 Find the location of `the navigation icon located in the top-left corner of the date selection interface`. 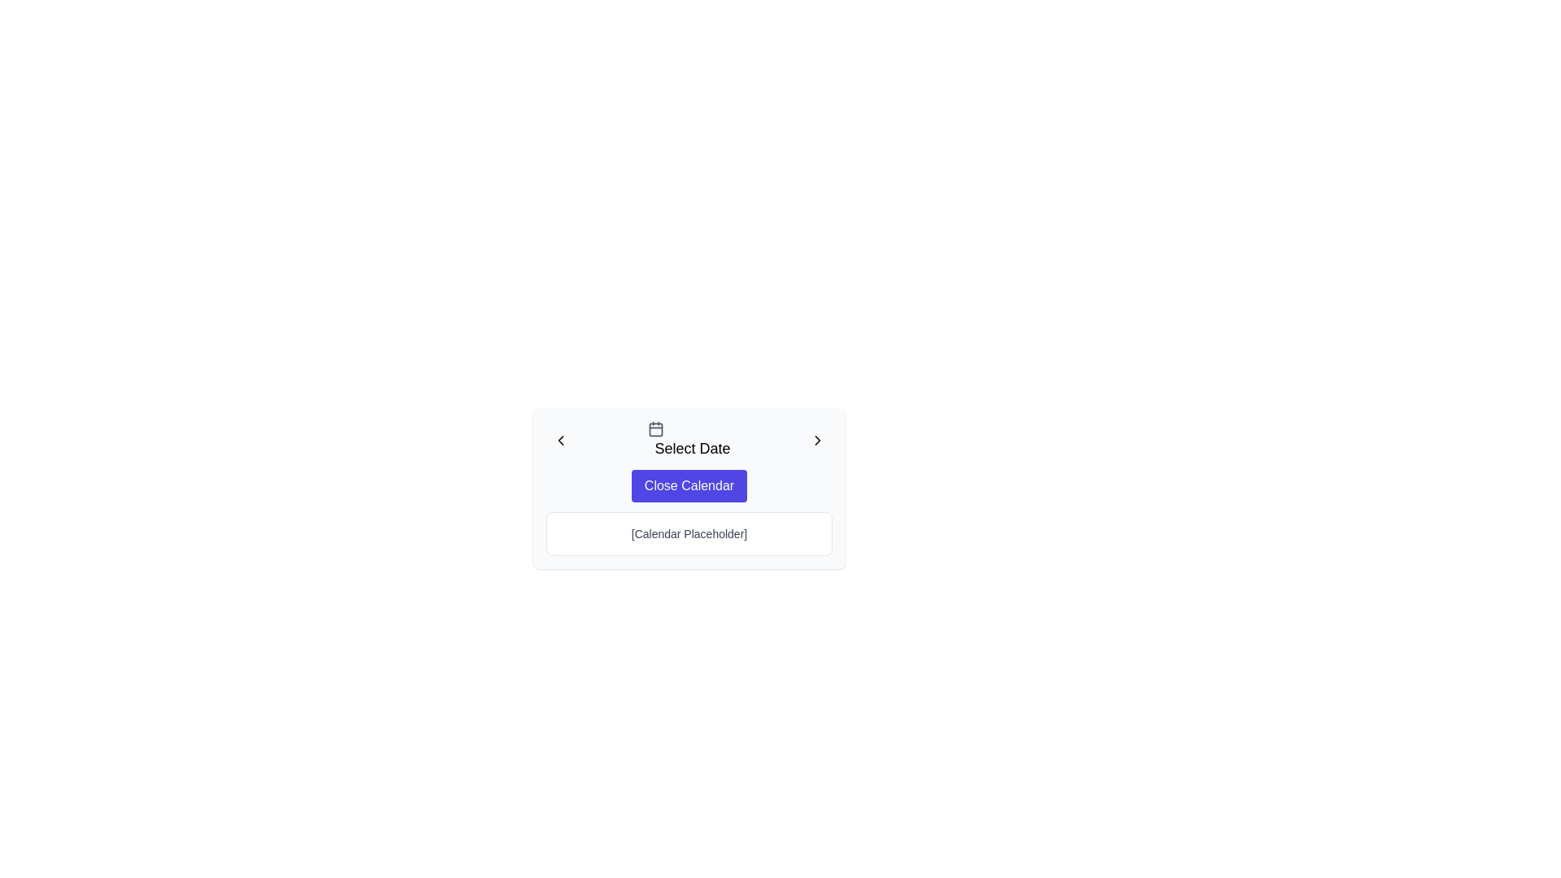

the navigation icon located in the top-left corner of the date selection interface is located at coordinates (561, 441).